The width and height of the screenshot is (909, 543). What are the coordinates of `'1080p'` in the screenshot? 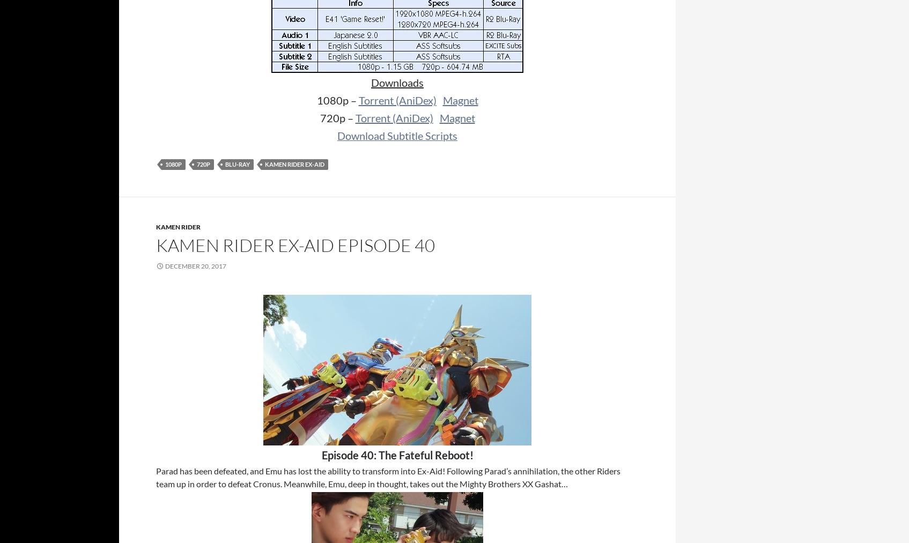 It's located at (173, 164).